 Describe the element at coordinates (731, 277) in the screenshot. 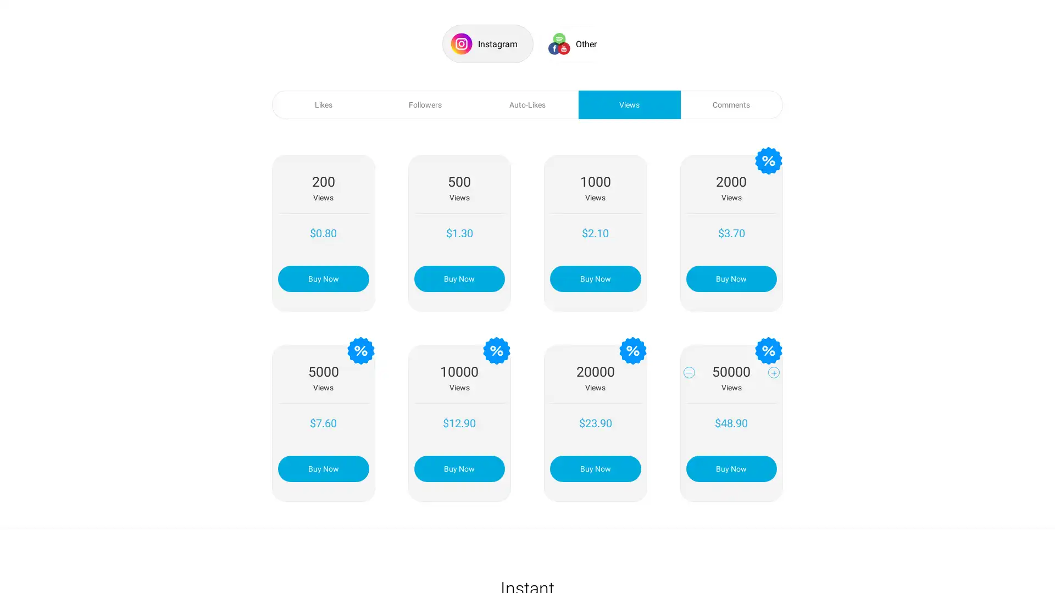

I see `Buy Now` at that location.